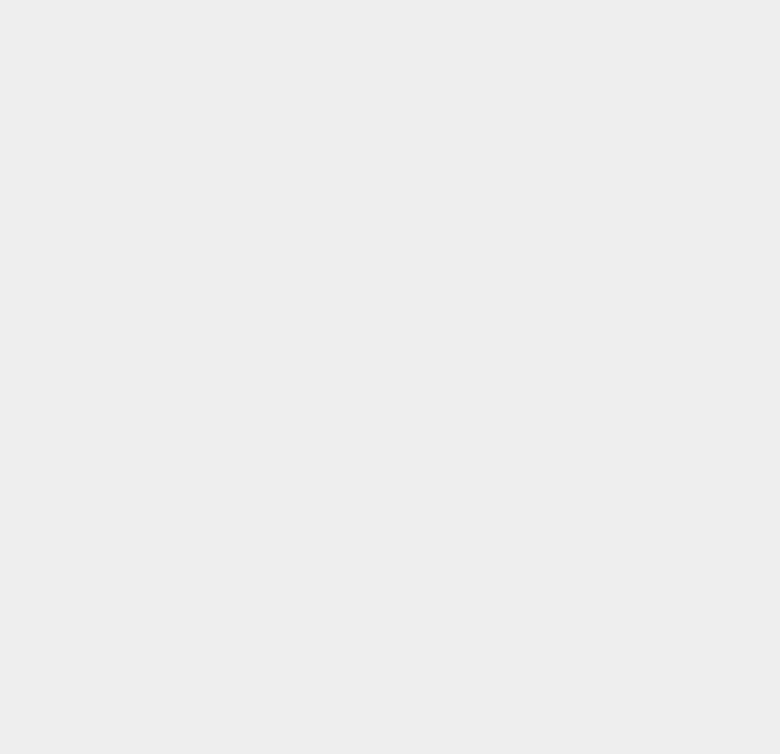  Describe the element at coordinates (581, 236) in the screenshot. I see `'Smartphones'` at that location.